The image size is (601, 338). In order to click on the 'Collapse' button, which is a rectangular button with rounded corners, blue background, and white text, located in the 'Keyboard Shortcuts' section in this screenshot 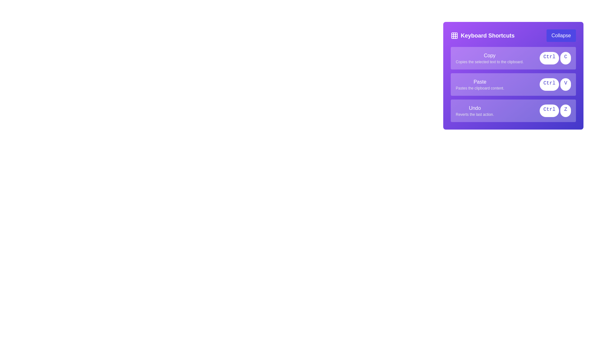, I will do `click(561, 36)`.